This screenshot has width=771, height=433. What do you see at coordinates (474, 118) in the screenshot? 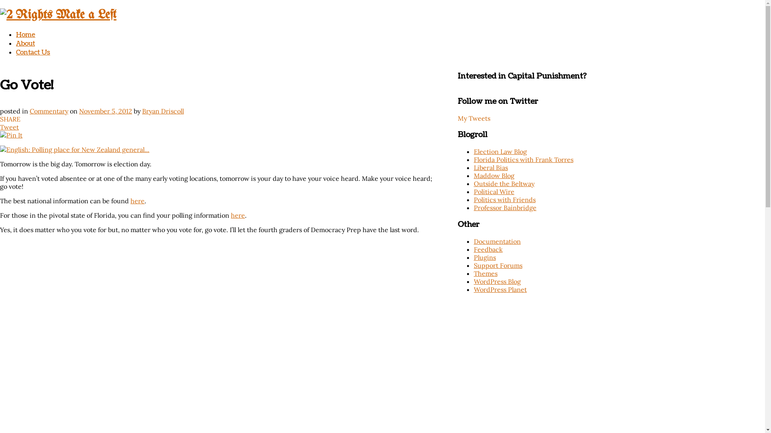
I see `'My Tweets'` at bounding box center [474, 118].